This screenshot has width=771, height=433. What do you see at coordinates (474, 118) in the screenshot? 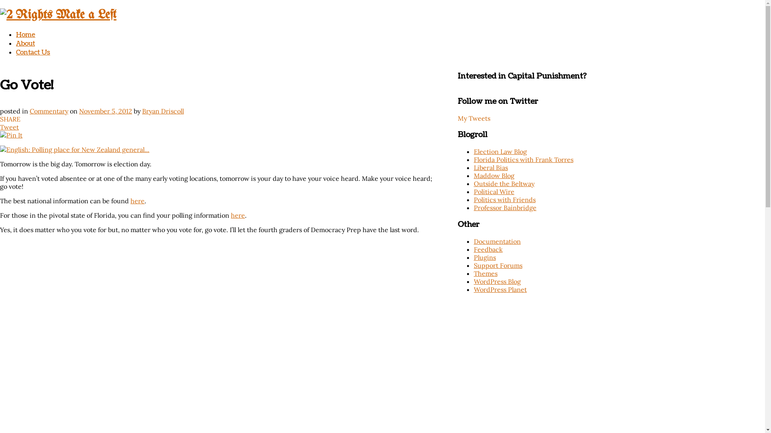
I see `'My Tweets'` at bounding box center [474, 118].